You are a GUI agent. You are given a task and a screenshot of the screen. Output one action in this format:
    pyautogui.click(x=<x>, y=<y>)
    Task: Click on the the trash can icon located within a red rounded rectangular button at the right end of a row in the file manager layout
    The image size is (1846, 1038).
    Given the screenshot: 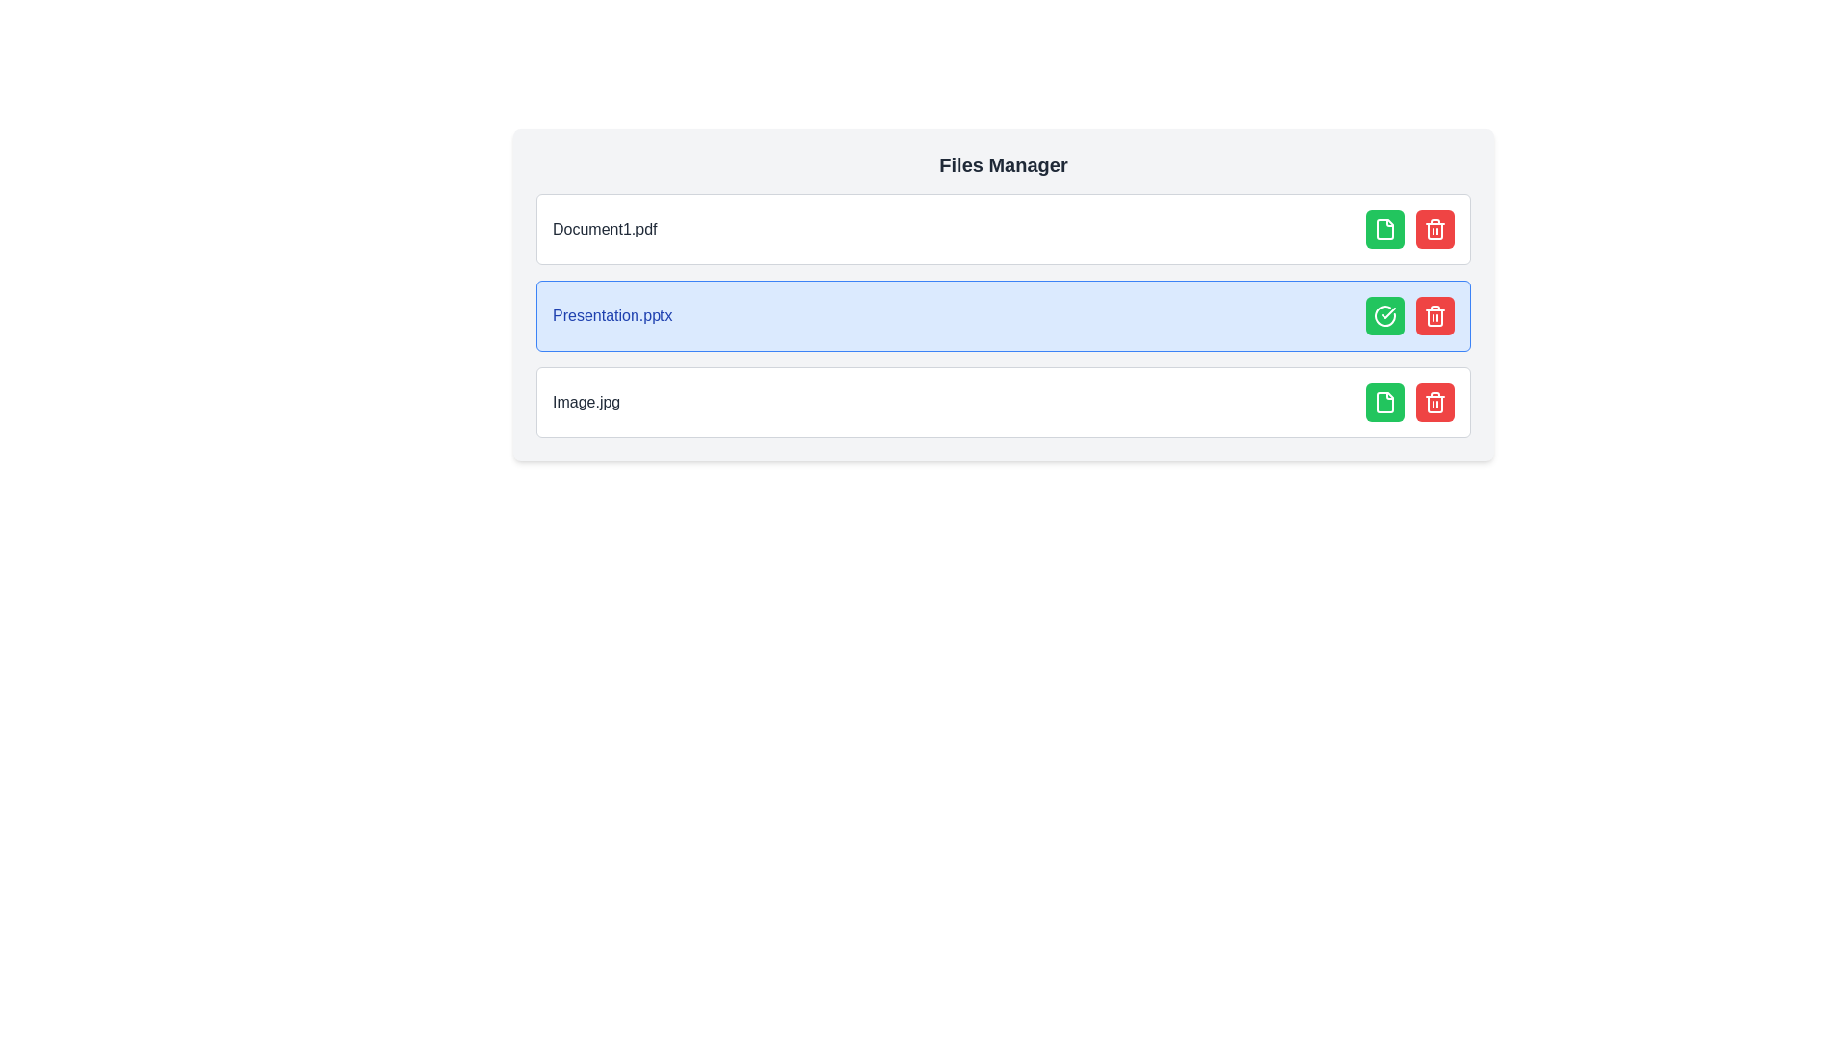 What is the action you would take?
    pyautogui.click(x=1434, y=402)
    